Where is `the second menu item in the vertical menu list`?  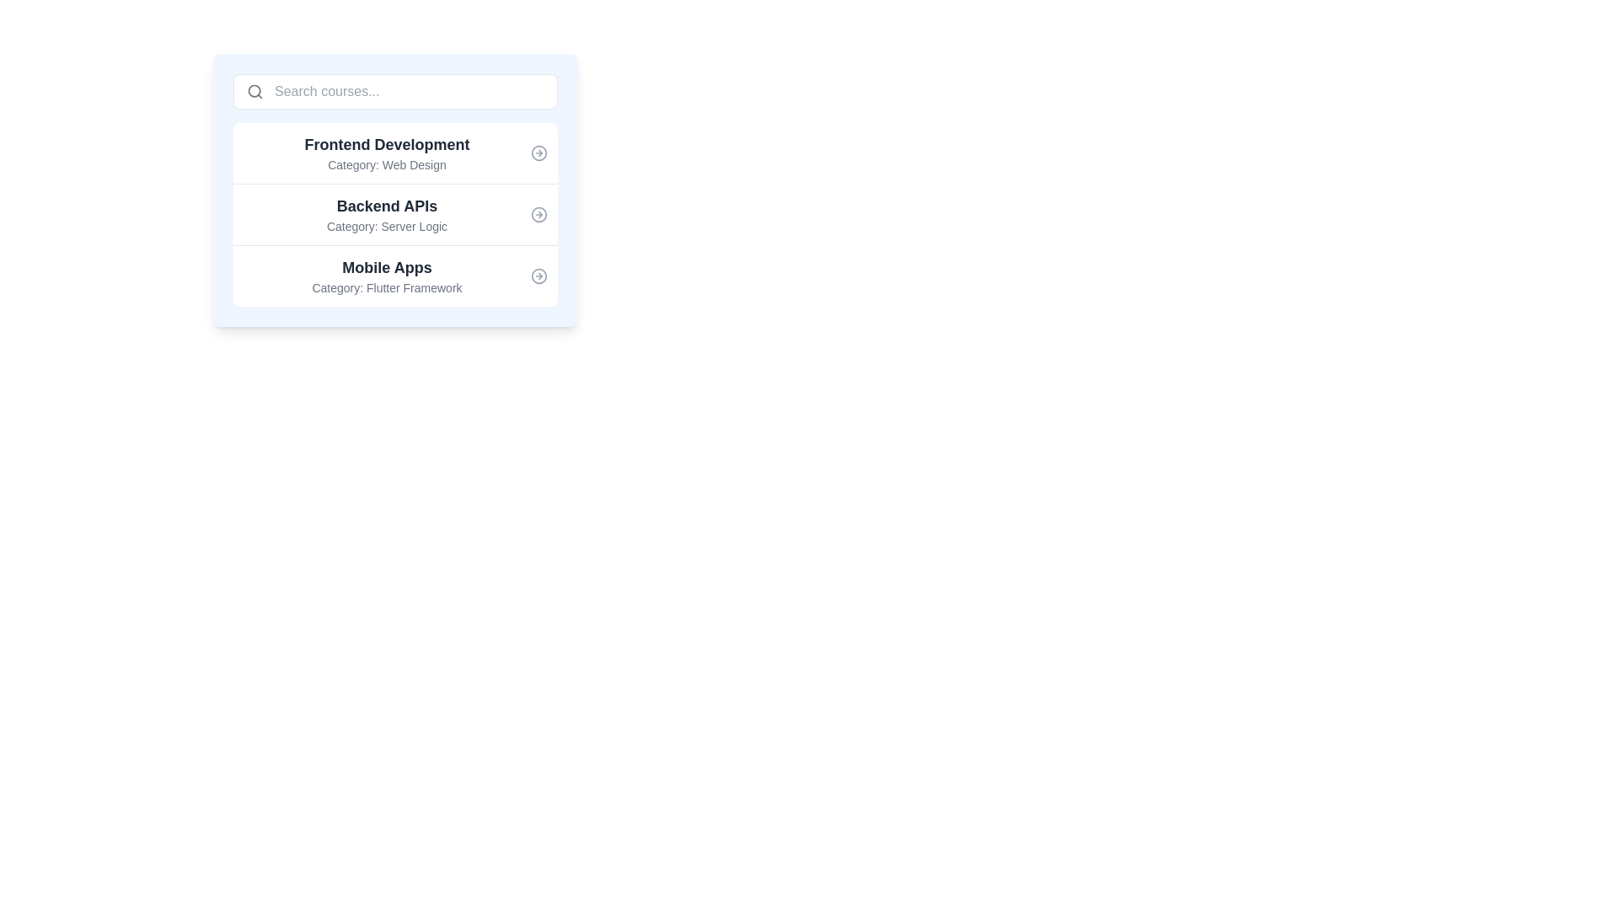
the second menu item in the vertical menu list is located at coordinates (394, 213).